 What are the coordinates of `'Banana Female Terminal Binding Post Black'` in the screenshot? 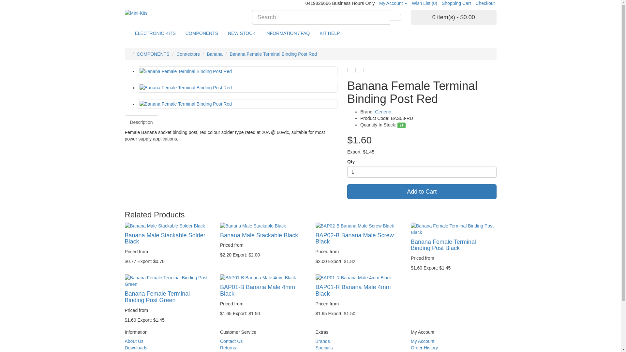 It's located at (443, 245).